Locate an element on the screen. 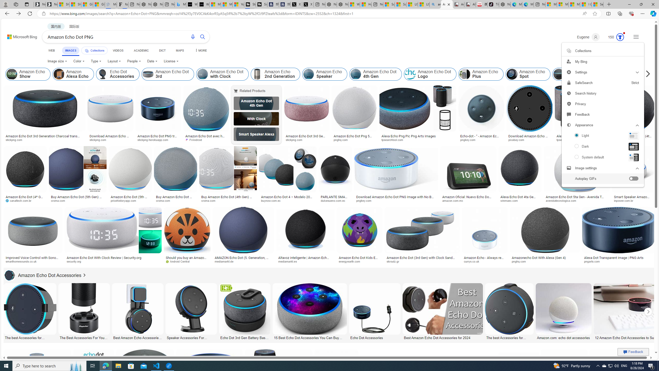 The width and height of the screenshot is (659, 371). 'Nordace - Best Sellers' is located at coordinates (505, 4).